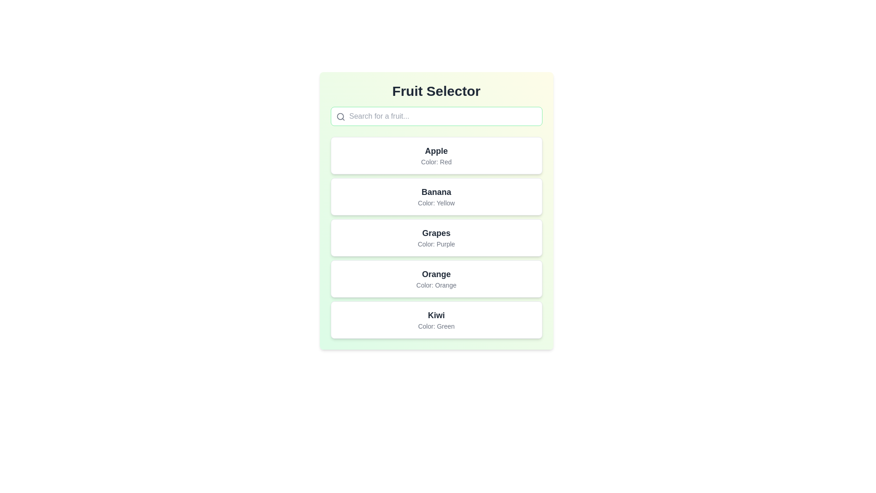  Describe the element at coordinates (436, 161) in the screenshot. I see `and interpret the content of the Text label that describes the color associated with the 'Apple' entry, which is positioned directly below the title 'Apple'` at that location.